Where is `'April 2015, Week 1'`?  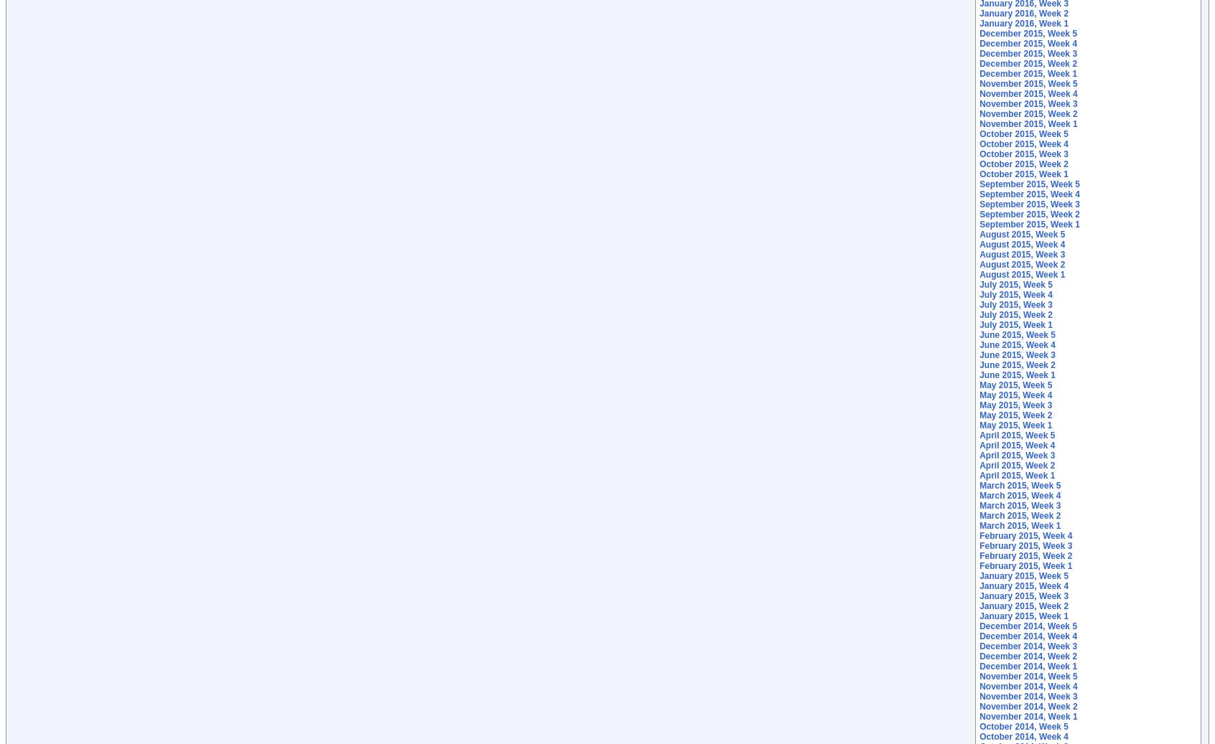 'April 2015, Week 1' is located at coordinates (1016, 475).